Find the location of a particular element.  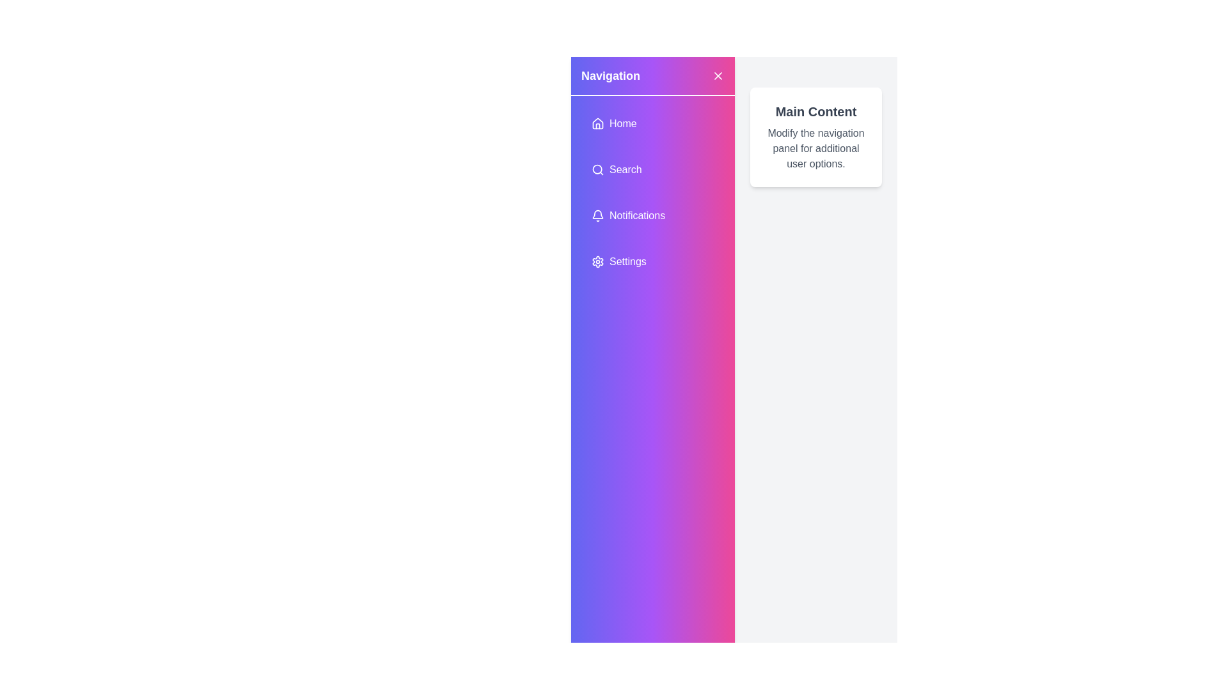

the 'Settings' text label, which is styled in white font against a gradient background of purple and pink shades, located under the 'Notifications' menu item in the navigation panel is located at coordinates (627, 261).